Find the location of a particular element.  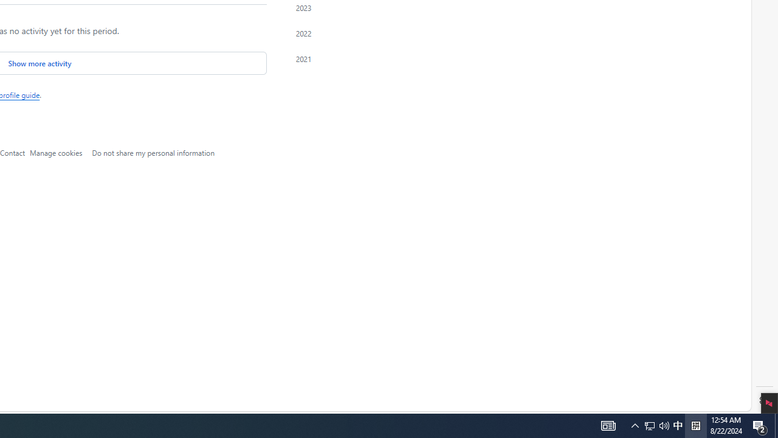

'Do not share my personal information' is located at coordinates (153, 151).